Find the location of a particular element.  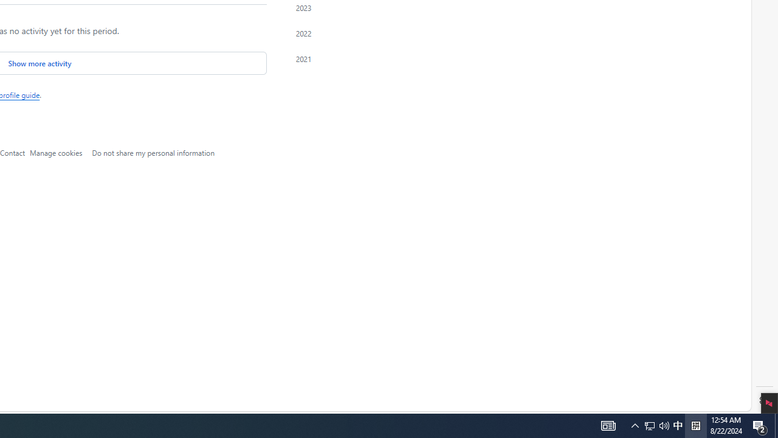

'Do not share my personal information' is located at coordinates (153, 151).